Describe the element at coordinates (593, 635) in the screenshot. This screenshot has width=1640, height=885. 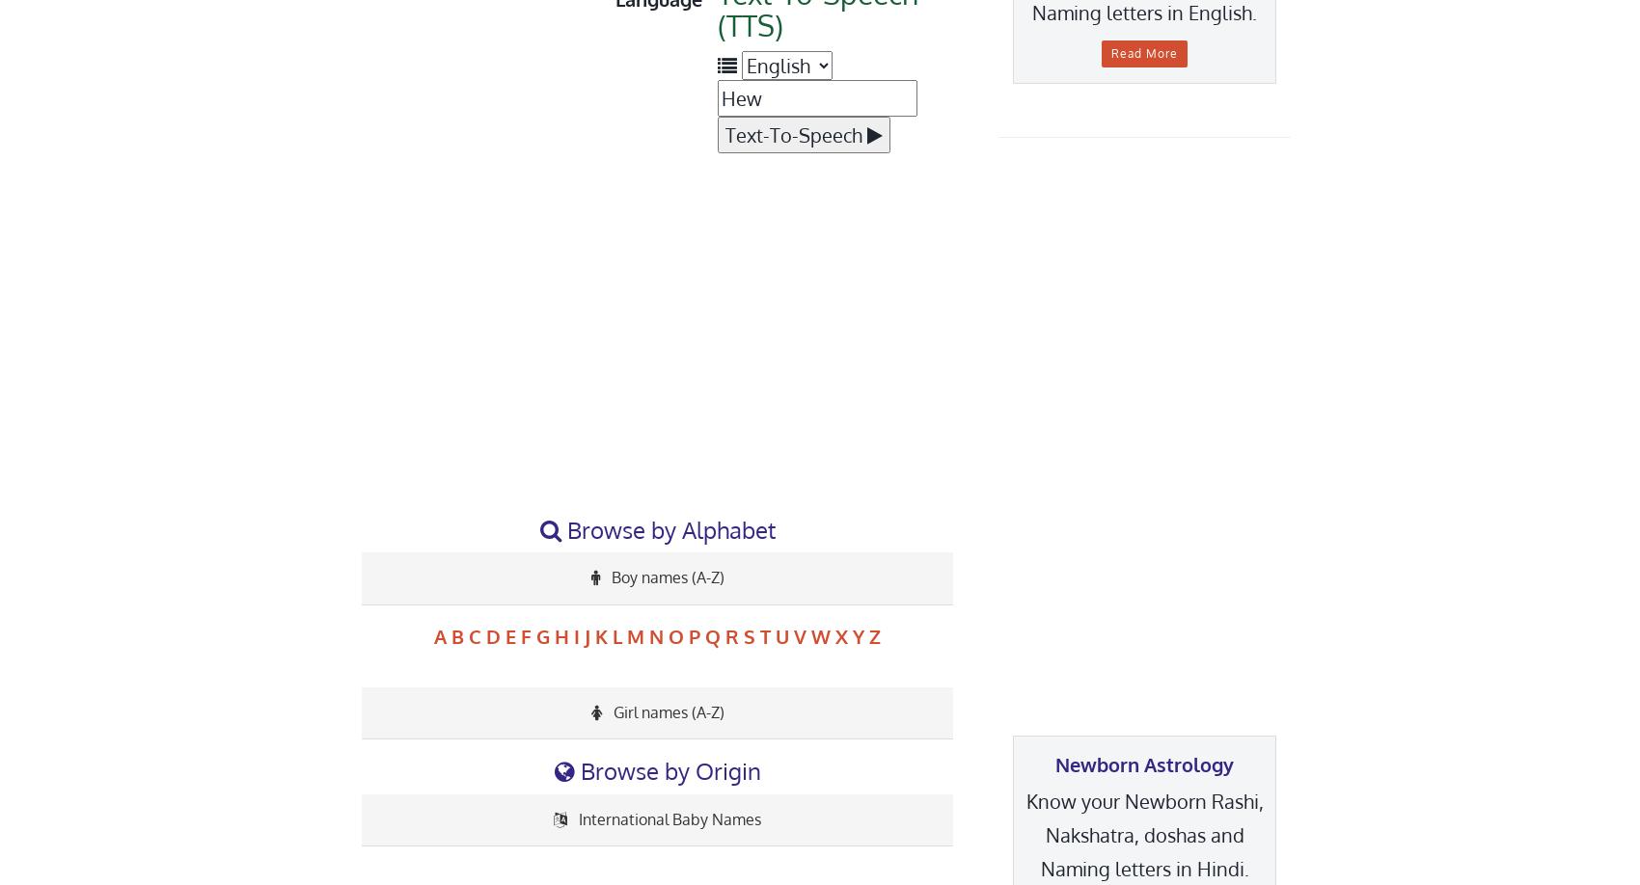
I see `'K'` at that location.